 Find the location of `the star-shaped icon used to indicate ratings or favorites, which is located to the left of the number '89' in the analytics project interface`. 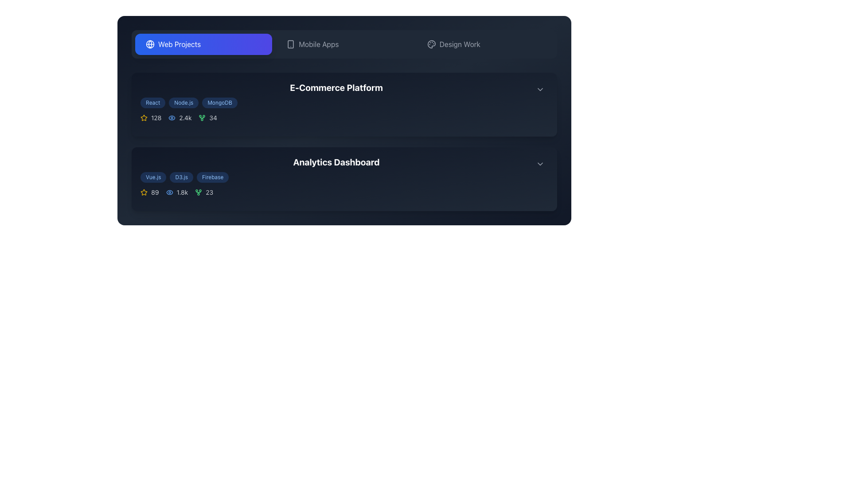

the star-shaped icon used to indicate ratings or favorites, which is located to the left of the number '89' in the analytics project interface is located at coordinates (144, 192).